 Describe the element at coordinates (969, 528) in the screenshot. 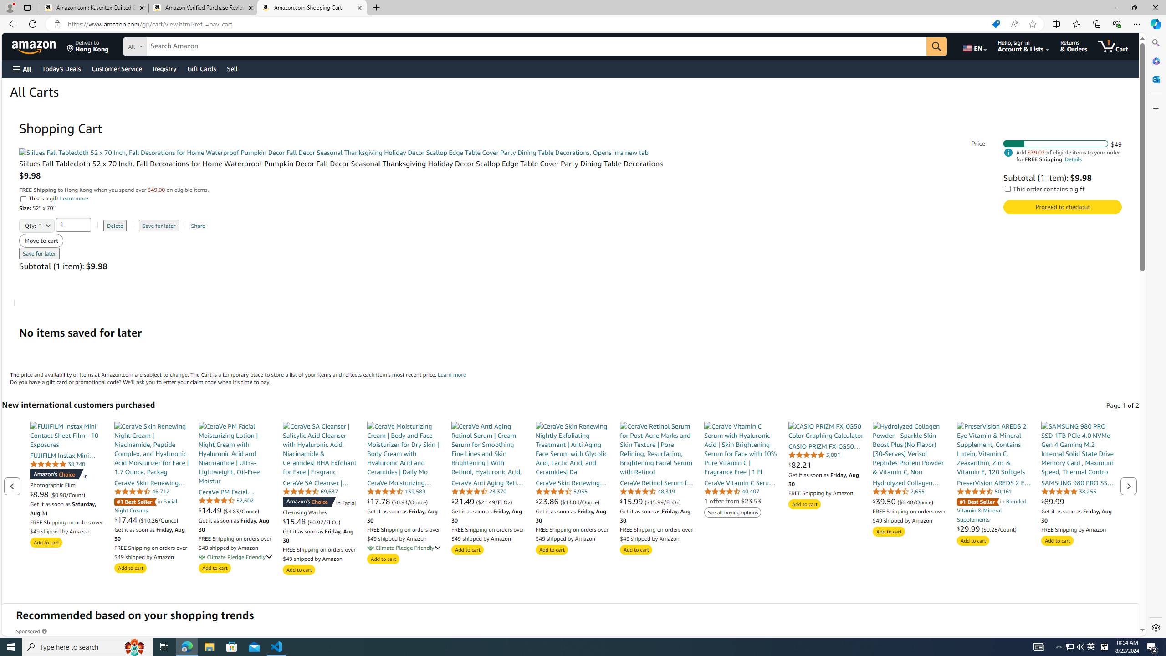

I see `'$29.99 '` at that location.